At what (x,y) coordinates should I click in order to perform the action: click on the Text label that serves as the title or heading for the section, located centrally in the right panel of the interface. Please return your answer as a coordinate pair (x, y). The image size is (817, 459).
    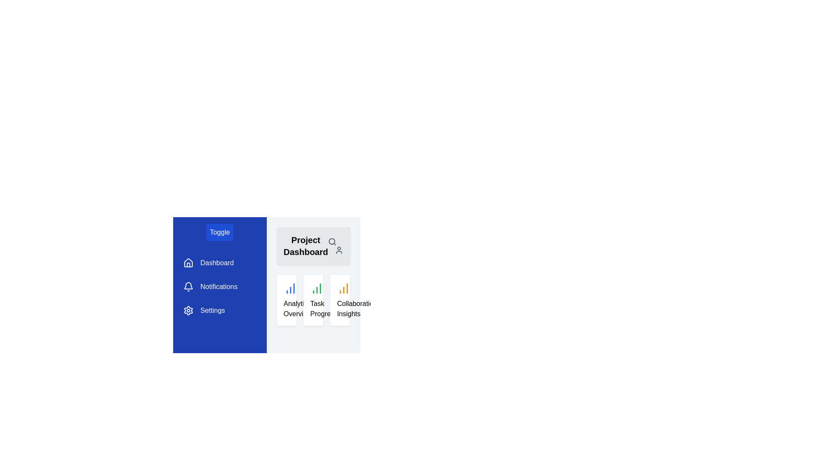
    Looking at the image, I should click on (306, 246).